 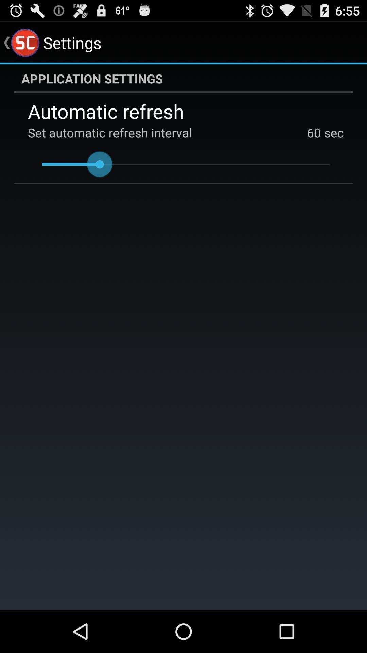 What do you see at coordinates (332, 132) in the screenshot?
I see `the app below automatic refresh` at bounding box center [332, 132].